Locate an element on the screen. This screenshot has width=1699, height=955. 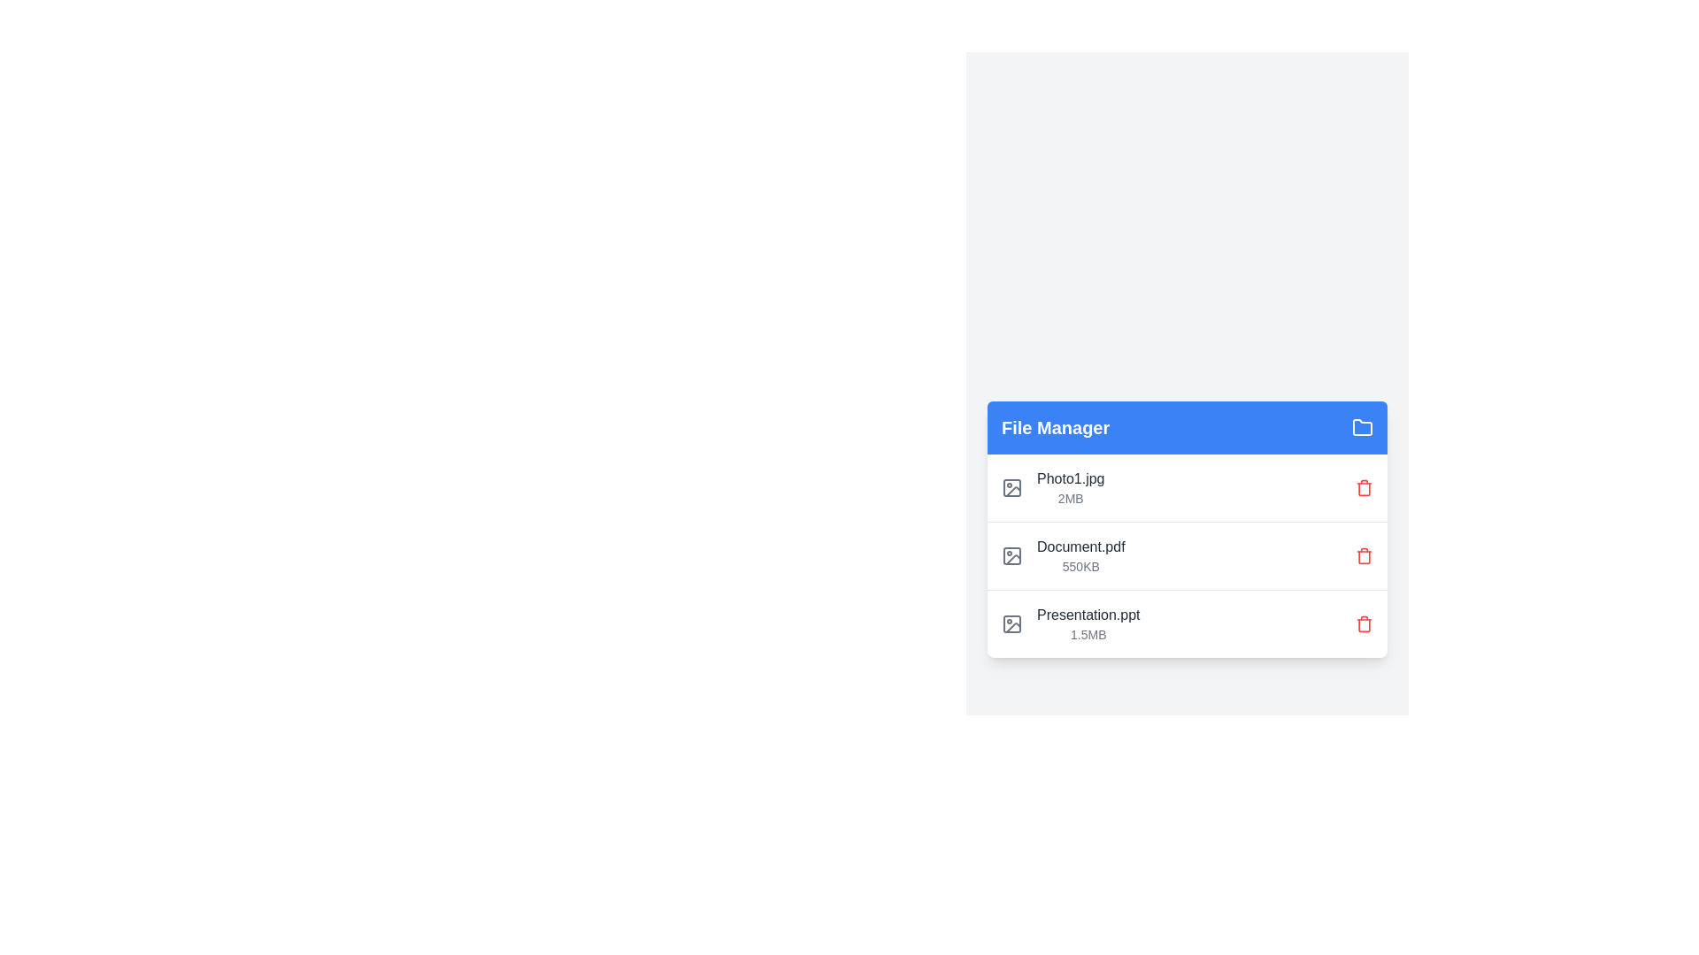
the image-style icon with rounded corners and a circular element, located to the left of 'Photo1.jpg' and '2MB' in the first entry of the list in the 'File Manager' section is located at coordinates (1011, 487).